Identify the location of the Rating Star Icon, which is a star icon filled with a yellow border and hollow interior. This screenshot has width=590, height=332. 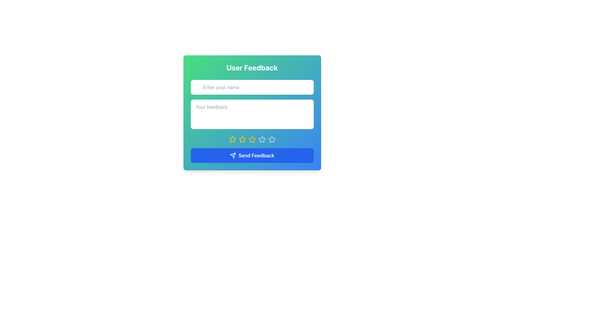
(242, 139).